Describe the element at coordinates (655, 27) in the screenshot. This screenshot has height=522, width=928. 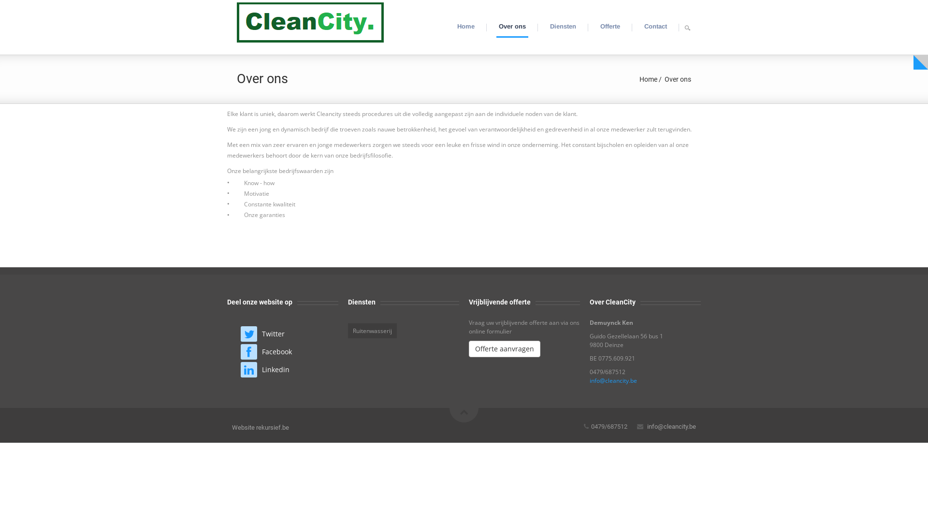
I see `'Contact'` at that location.